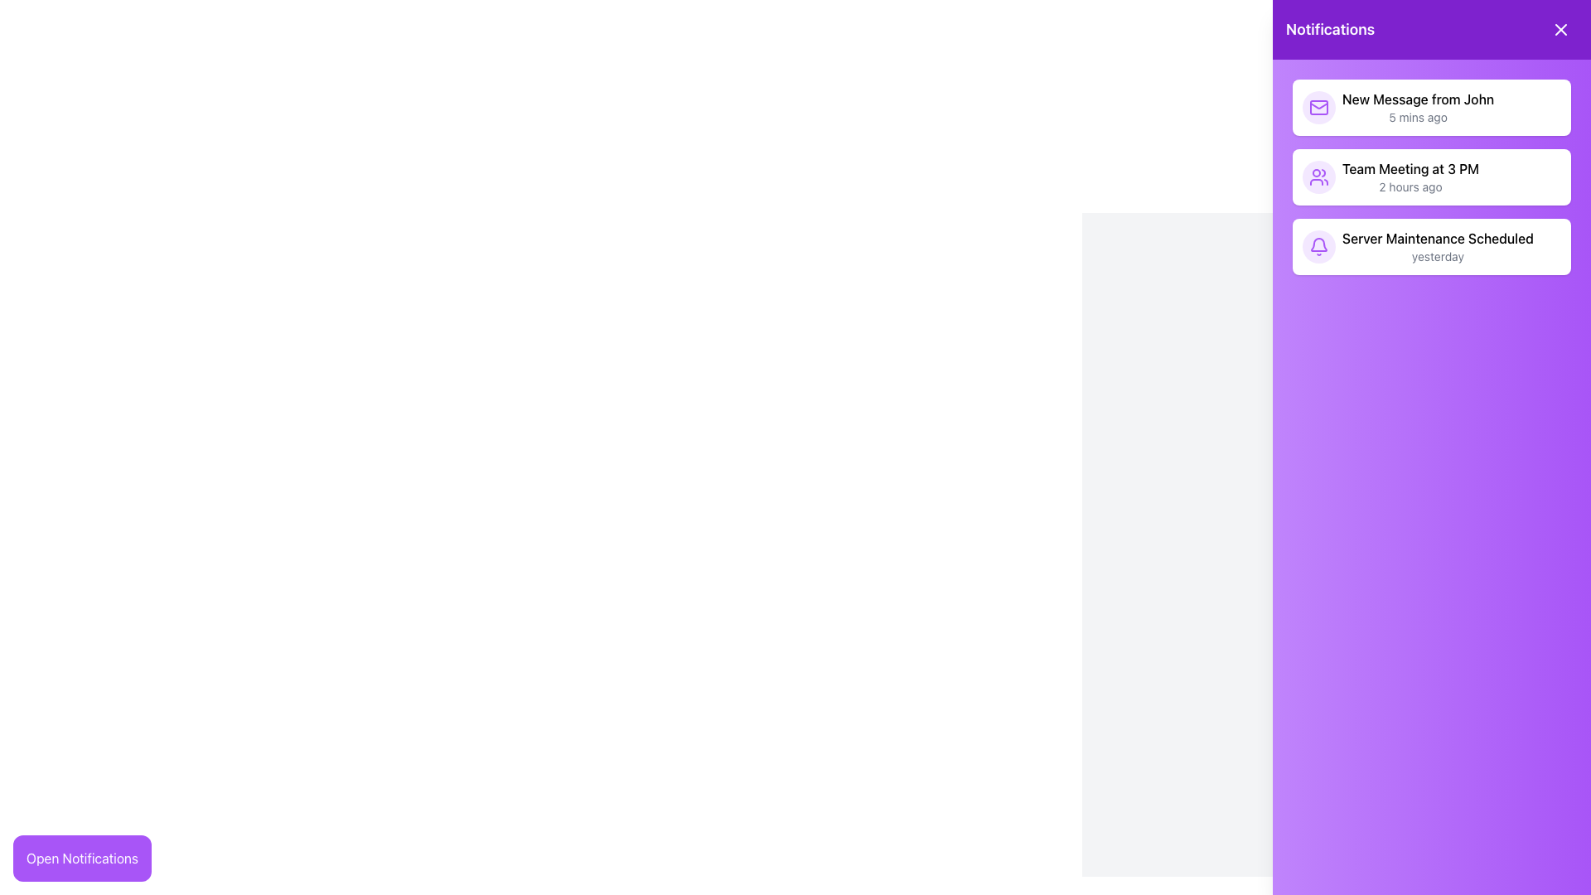  Describe the element at coordinates (1560, 29) in the screenshot. I see `the 'X' shaped icon, which is part of the close icon in the top-right corner of the purple notification panel next to the title 'Notifications'` at that location.